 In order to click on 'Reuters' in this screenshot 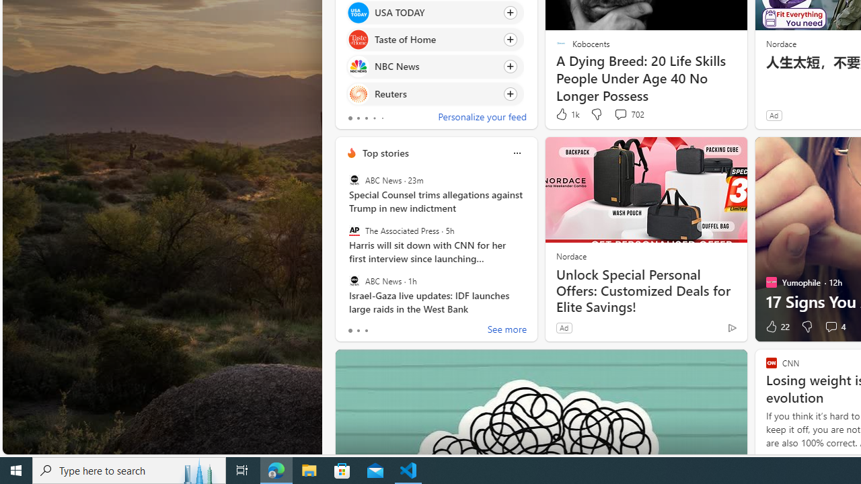, I will do `click(358, 93)`.